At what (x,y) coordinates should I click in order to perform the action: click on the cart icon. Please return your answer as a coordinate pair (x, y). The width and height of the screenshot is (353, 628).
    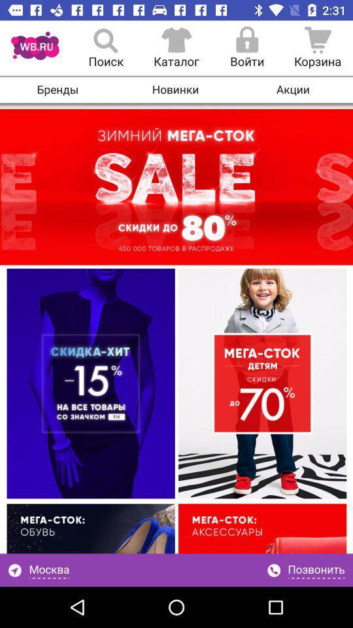
    Looking at the image, I should click on (317, 48).